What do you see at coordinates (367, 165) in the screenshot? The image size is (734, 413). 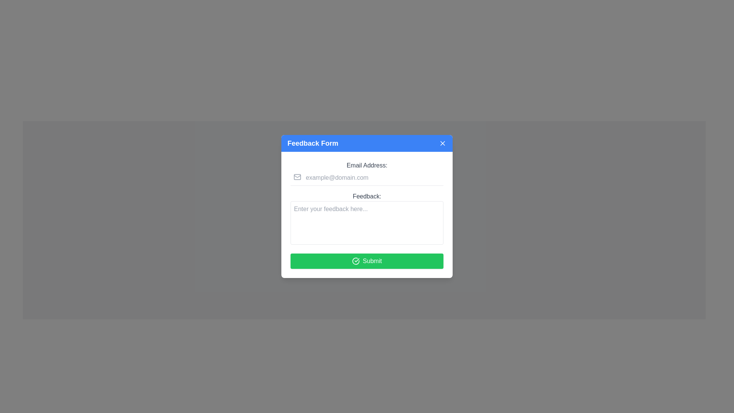 I see `the text label displaying 'Email Address:' in gray font, located above the input field in the 'Feedback Form.'` at bounding box center [367, 165].